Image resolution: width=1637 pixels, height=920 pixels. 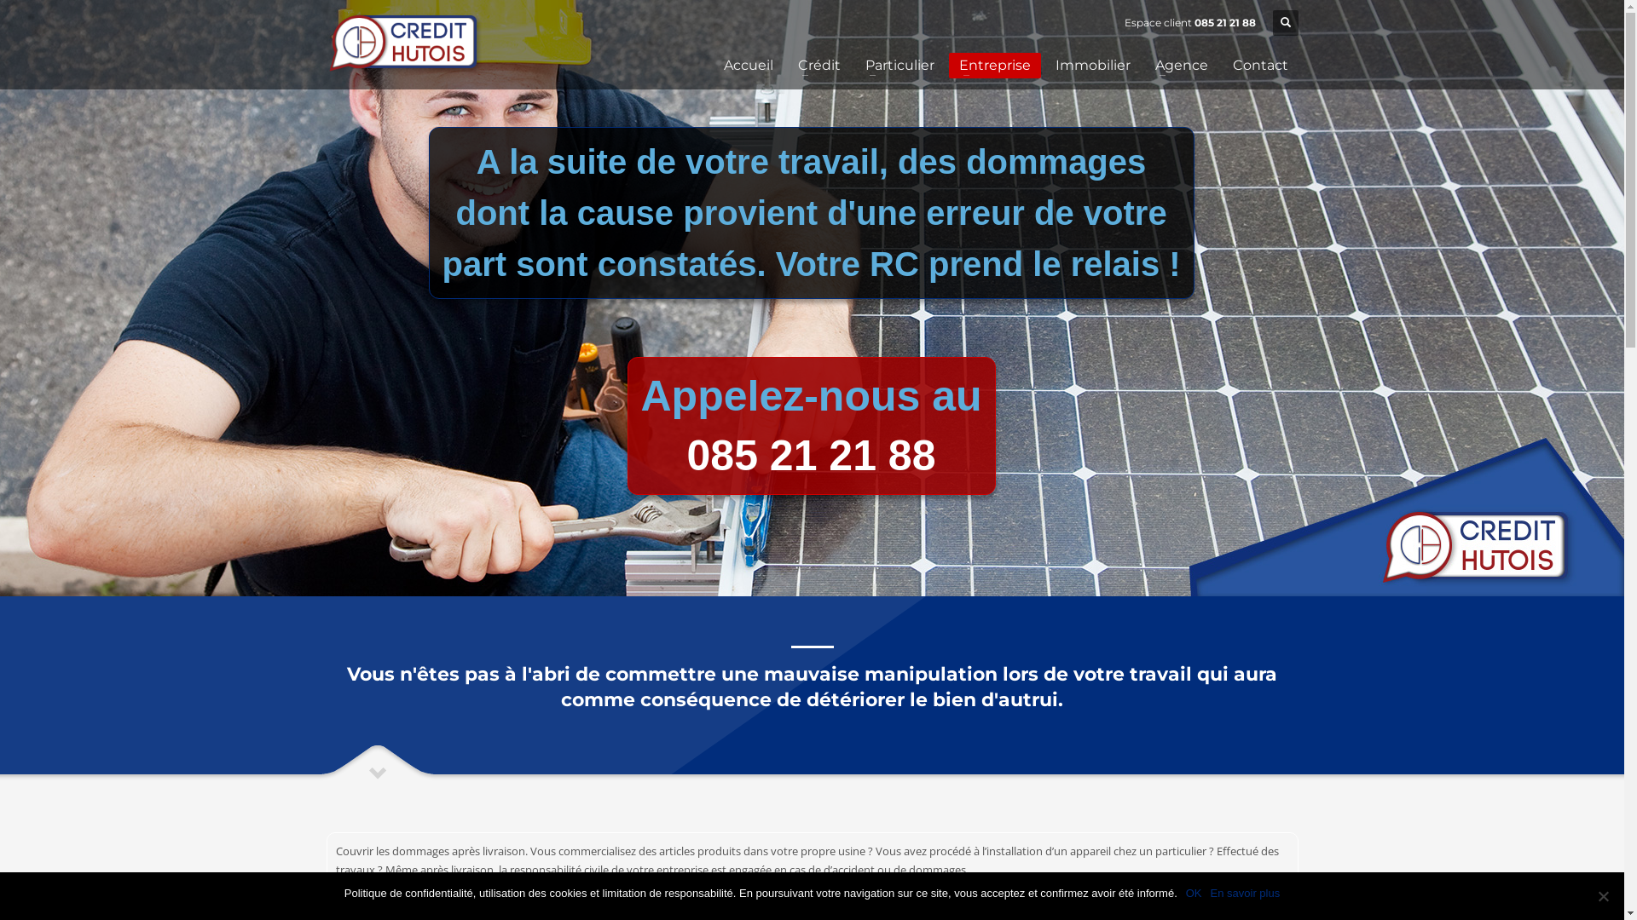 I want to click on 'Entreprise', so click(x=947, y=65).